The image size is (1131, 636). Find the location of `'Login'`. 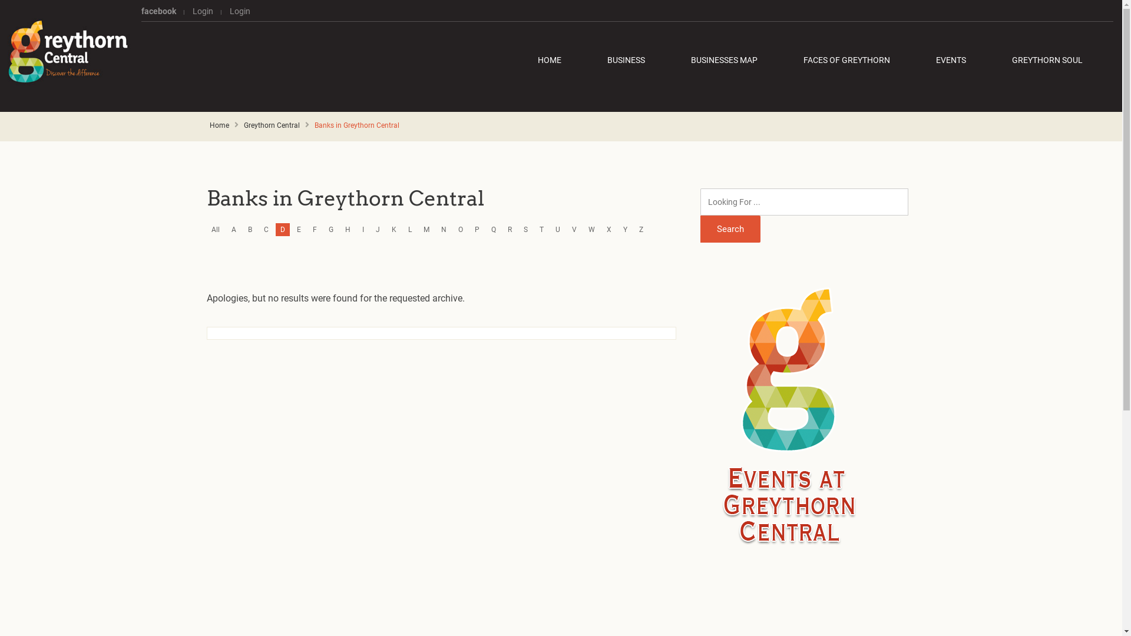

'Login' is located at coordinates (203, 11).